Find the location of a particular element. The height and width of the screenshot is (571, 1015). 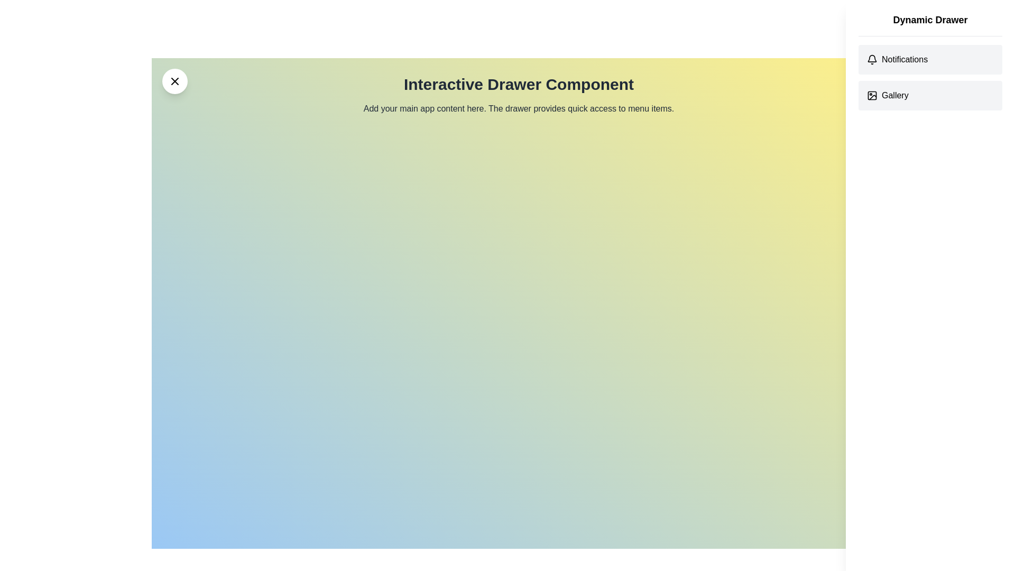

the 'Gallery' button icon located in the right-hand vertical menu, which suggests navigation or interaction with a gallery or image-related functionality is located at coordinates (872, 96).